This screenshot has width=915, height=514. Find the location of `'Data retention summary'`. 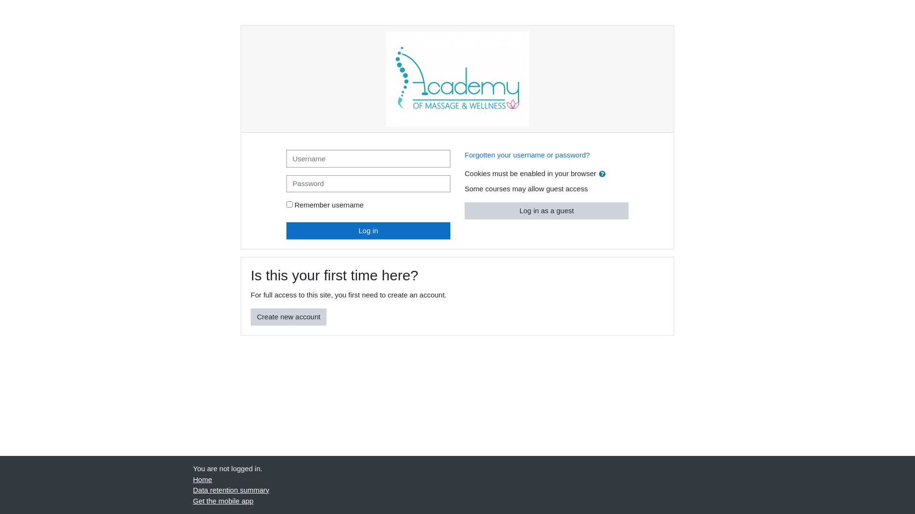

'Data retention summary' is located at coordinates (192, 490).